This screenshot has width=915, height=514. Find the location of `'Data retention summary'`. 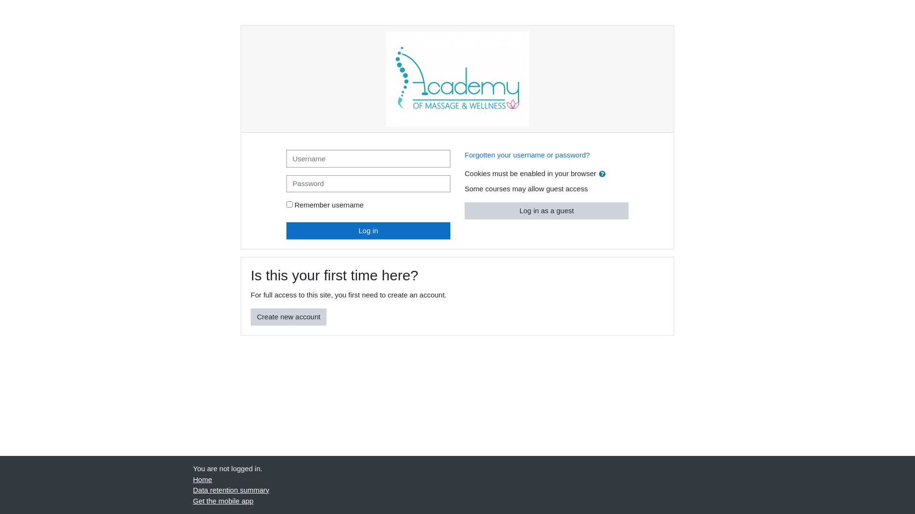

'Data retention summary' is located at coordinates (192, 490).